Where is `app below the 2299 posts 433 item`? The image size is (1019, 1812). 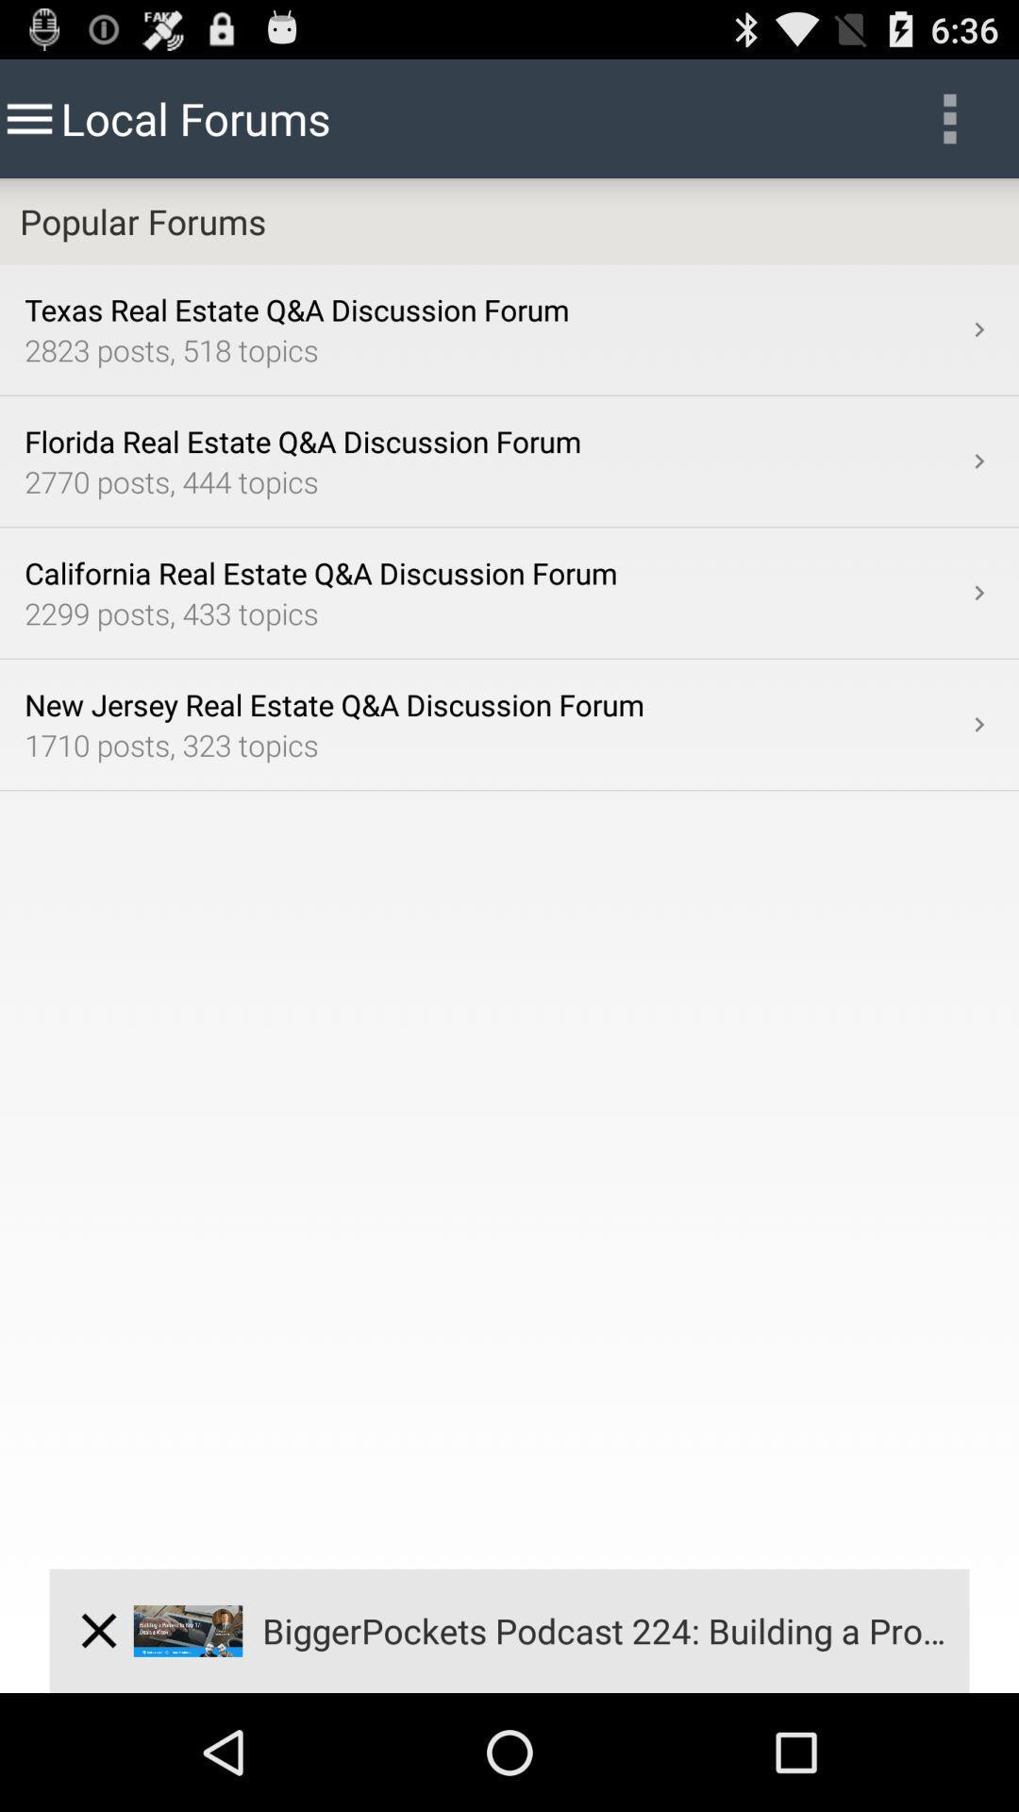
app below the 2299 posts 433 item is located at coordinates (493, 703).